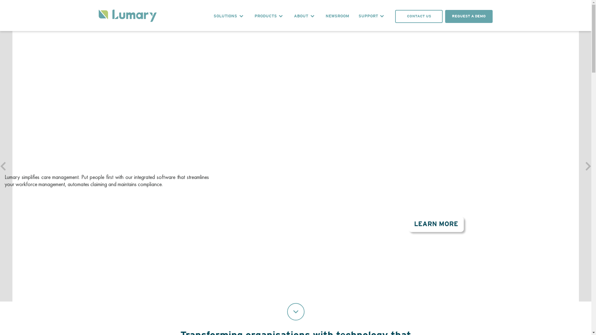  I want to click on 'REQUEST A DEMO', so click(27, 214).